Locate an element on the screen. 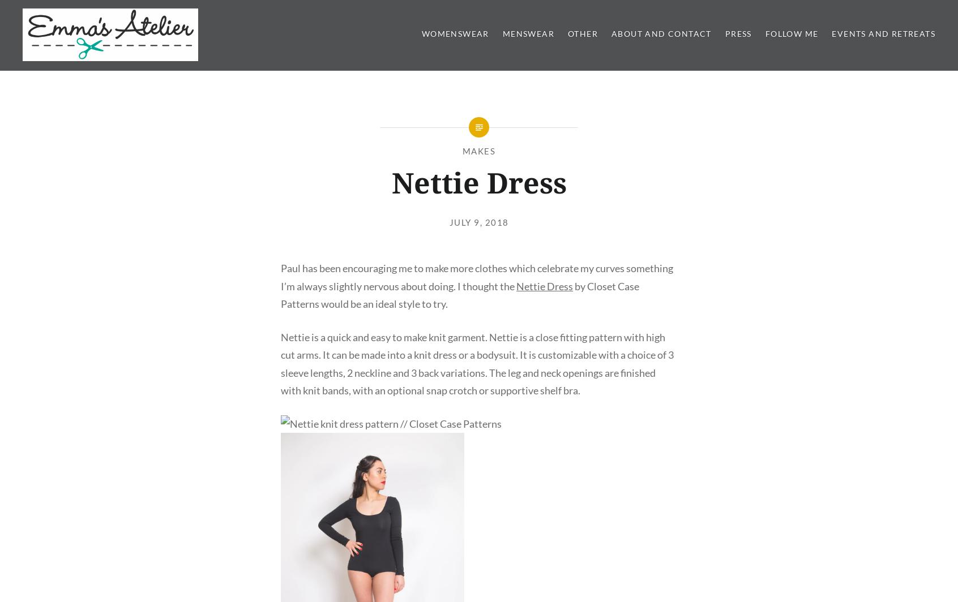  'Nettie is a quick and easy to make knit garment. Nettie is a close fitting pattern with high cut arms. It can be made into a knit dress or a bodysuit. It is customizable with a choice of 3 sleeve lengths, 2 neckline and 3 back variations. The leg and neck openings are finished with knit bands, with an optional snap crotch or supportive shelf bra.' is located at coordinates (477, 363).